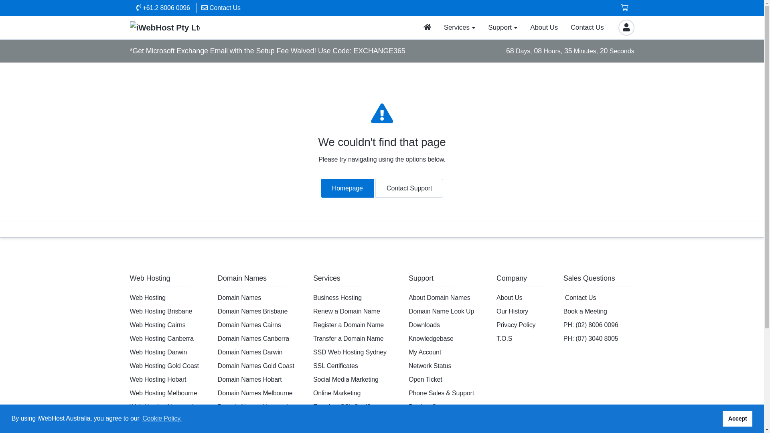 This screenshot has width=770, height=433. What do you see at coordinates (335, 366) in the screenshot?
I see `'SSL Certificates'` at bounding box center [335, 366].